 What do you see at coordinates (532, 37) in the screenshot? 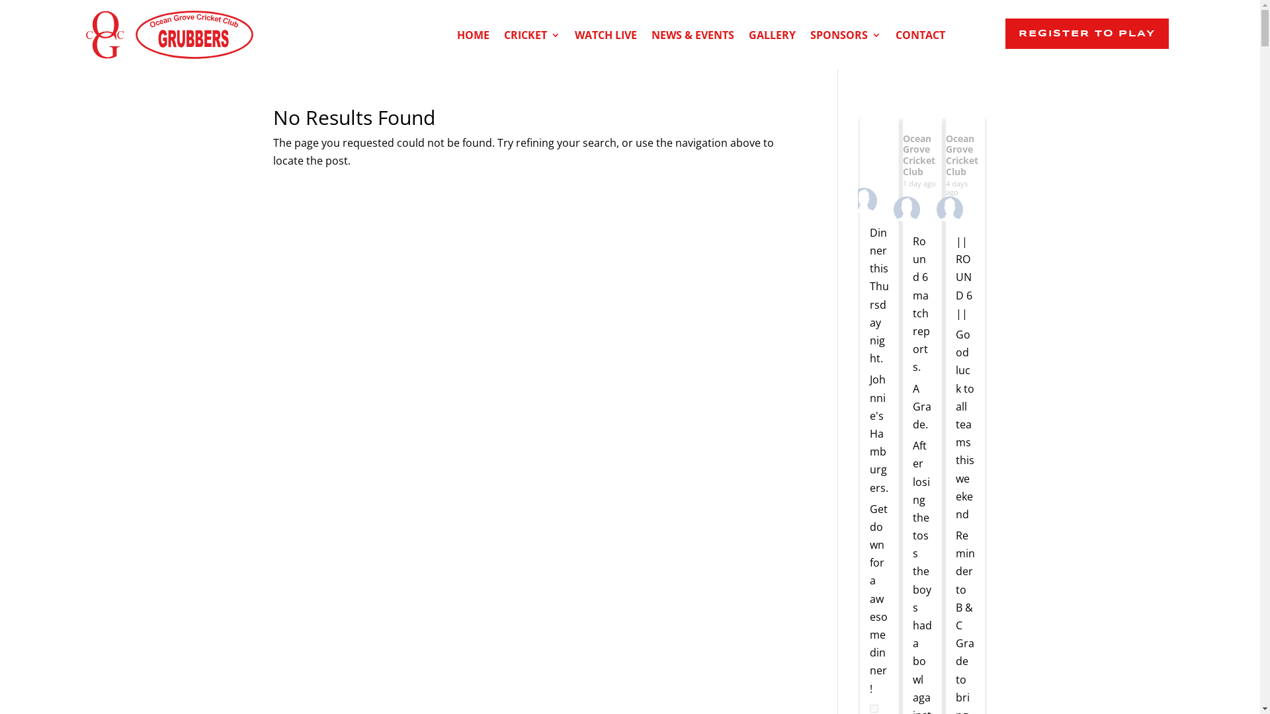
I see `'CRICKET'` at bounding box center [532, 37].